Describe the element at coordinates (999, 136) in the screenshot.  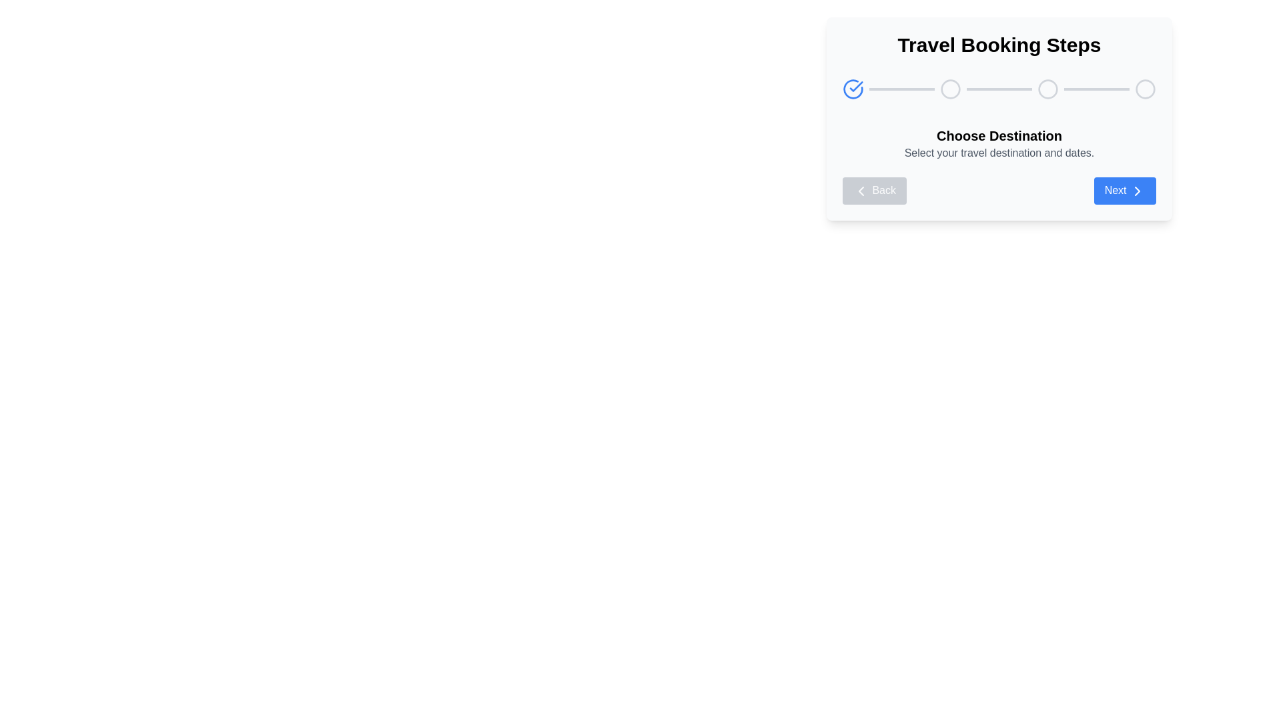
I see `the bold and large text label that displays 'Choose Destination', which is prominently styled and located above the description text within the step navigation panel` at that location.